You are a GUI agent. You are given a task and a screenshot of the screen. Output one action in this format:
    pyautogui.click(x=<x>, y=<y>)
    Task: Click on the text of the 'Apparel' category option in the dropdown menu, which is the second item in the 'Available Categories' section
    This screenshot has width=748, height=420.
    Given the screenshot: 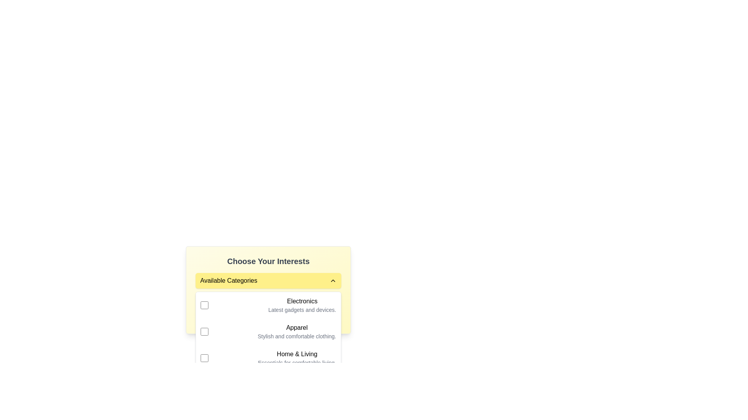 What is the action you would take?
    pyautogui.click(x=268, y=338)
    